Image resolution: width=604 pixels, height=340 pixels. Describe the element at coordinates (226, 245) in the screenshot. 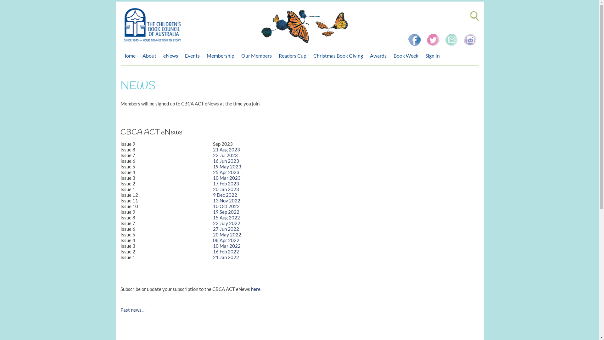

I see `'10 Mar 2022'` at that location.